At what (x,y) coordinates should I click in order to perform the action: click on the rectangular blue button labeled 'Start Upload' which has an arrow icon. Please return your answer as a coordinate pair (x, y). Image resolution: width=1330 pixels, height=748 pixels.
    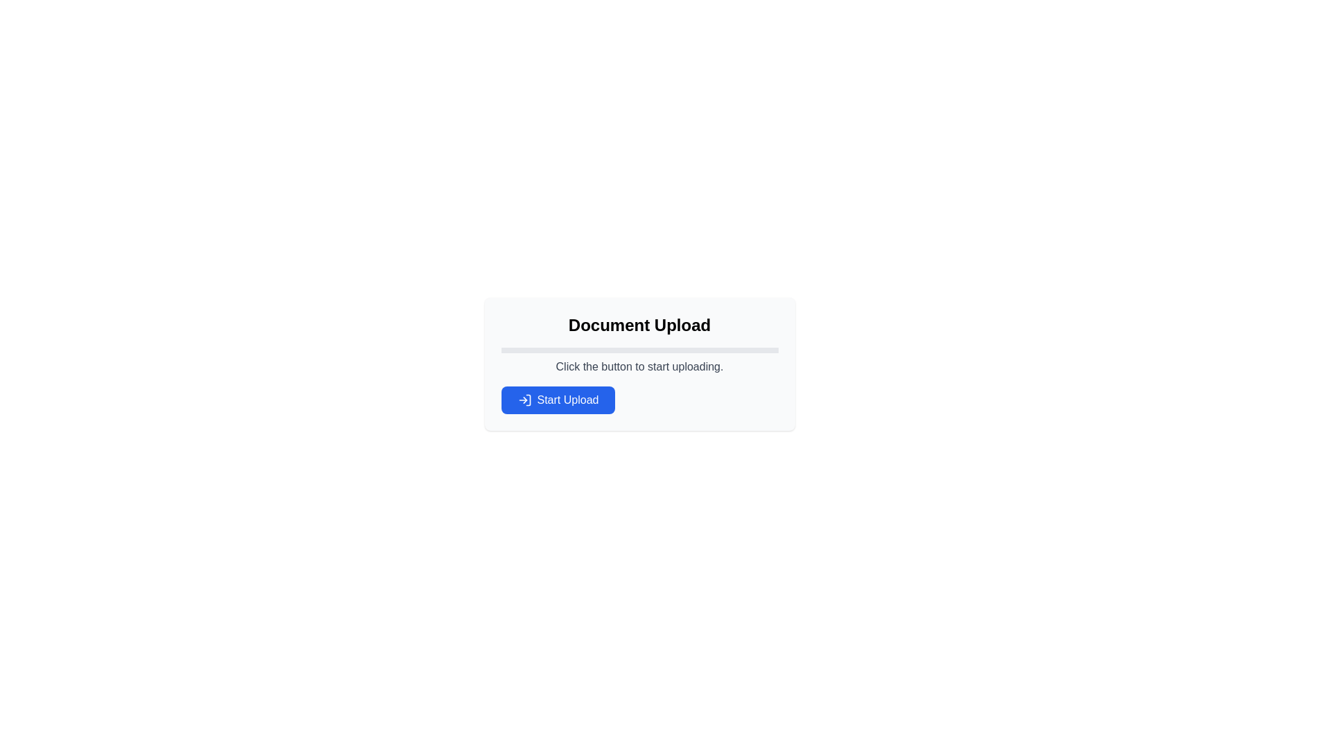
    Looking at the image, I should click on (558, 400).